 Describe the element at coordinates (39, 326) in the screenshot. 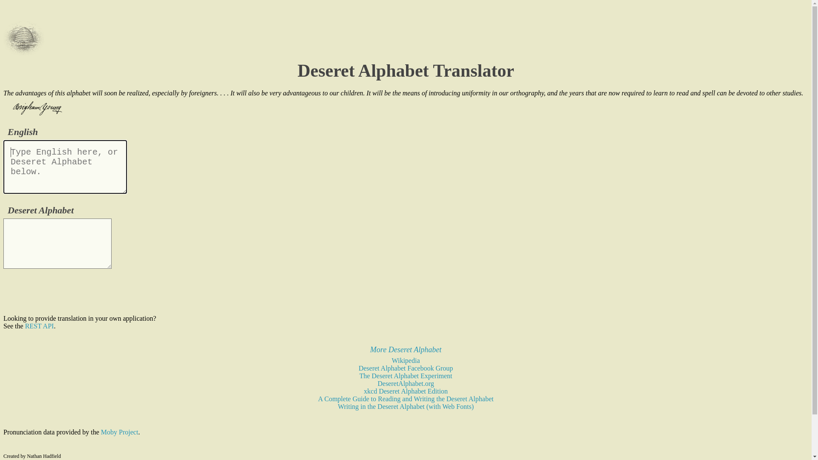

I see `'REST API'` at that location.